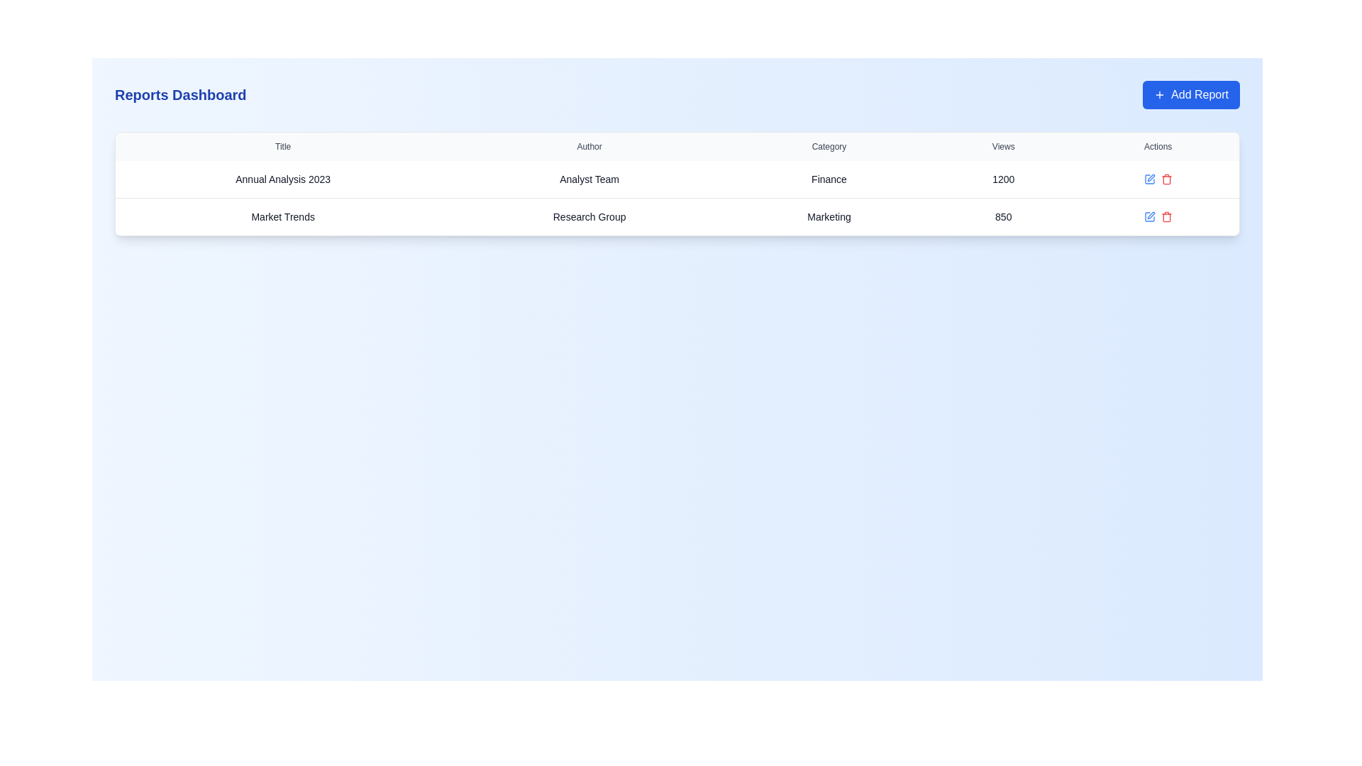 This screenshot has width=1362, height=766. Describe the element at coordinates (283, 179) in the screenshot. I see `the text label displaying 'Annual Analysis 2023', which is styled with a small font size and dark gray color, located in the first row of the table under the 'Title' column` at that location.